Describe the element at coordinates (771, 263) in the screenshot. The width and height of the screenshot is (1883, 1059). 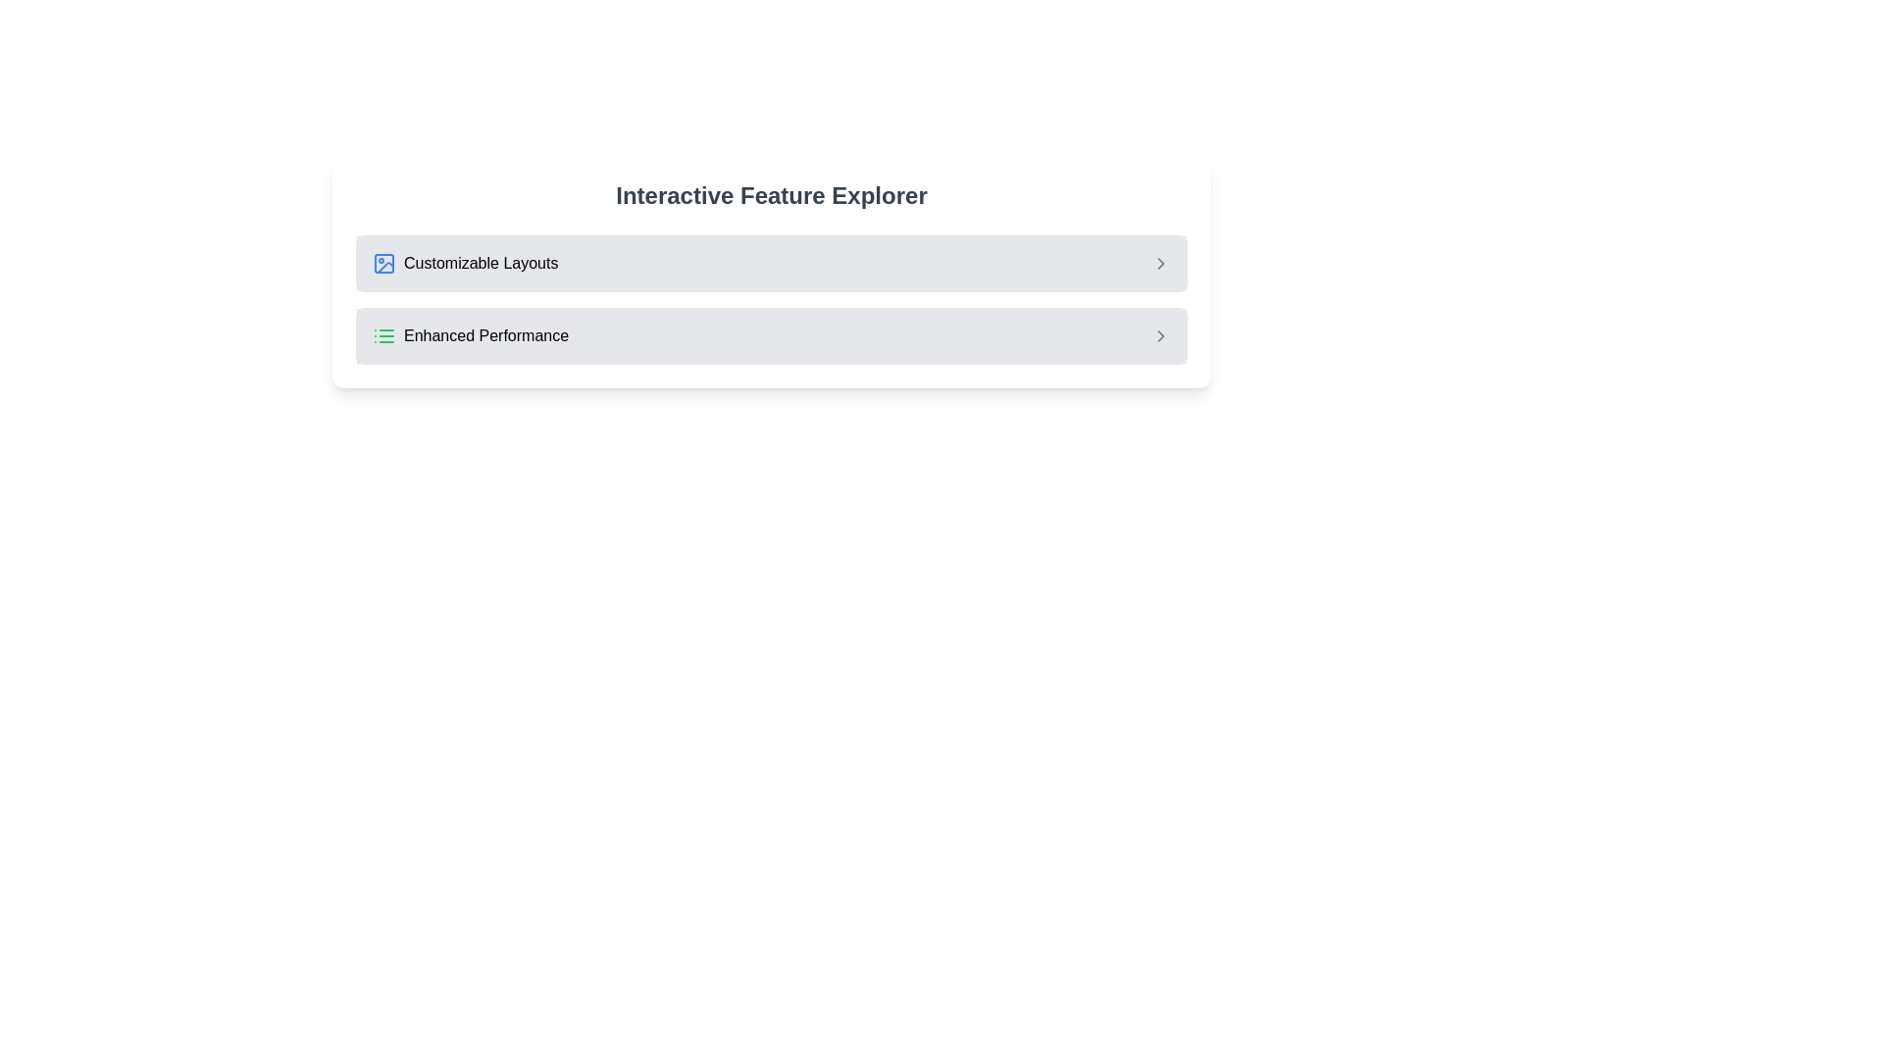
I see `the 'Customizable Layouts' button with a gray background` at that location.